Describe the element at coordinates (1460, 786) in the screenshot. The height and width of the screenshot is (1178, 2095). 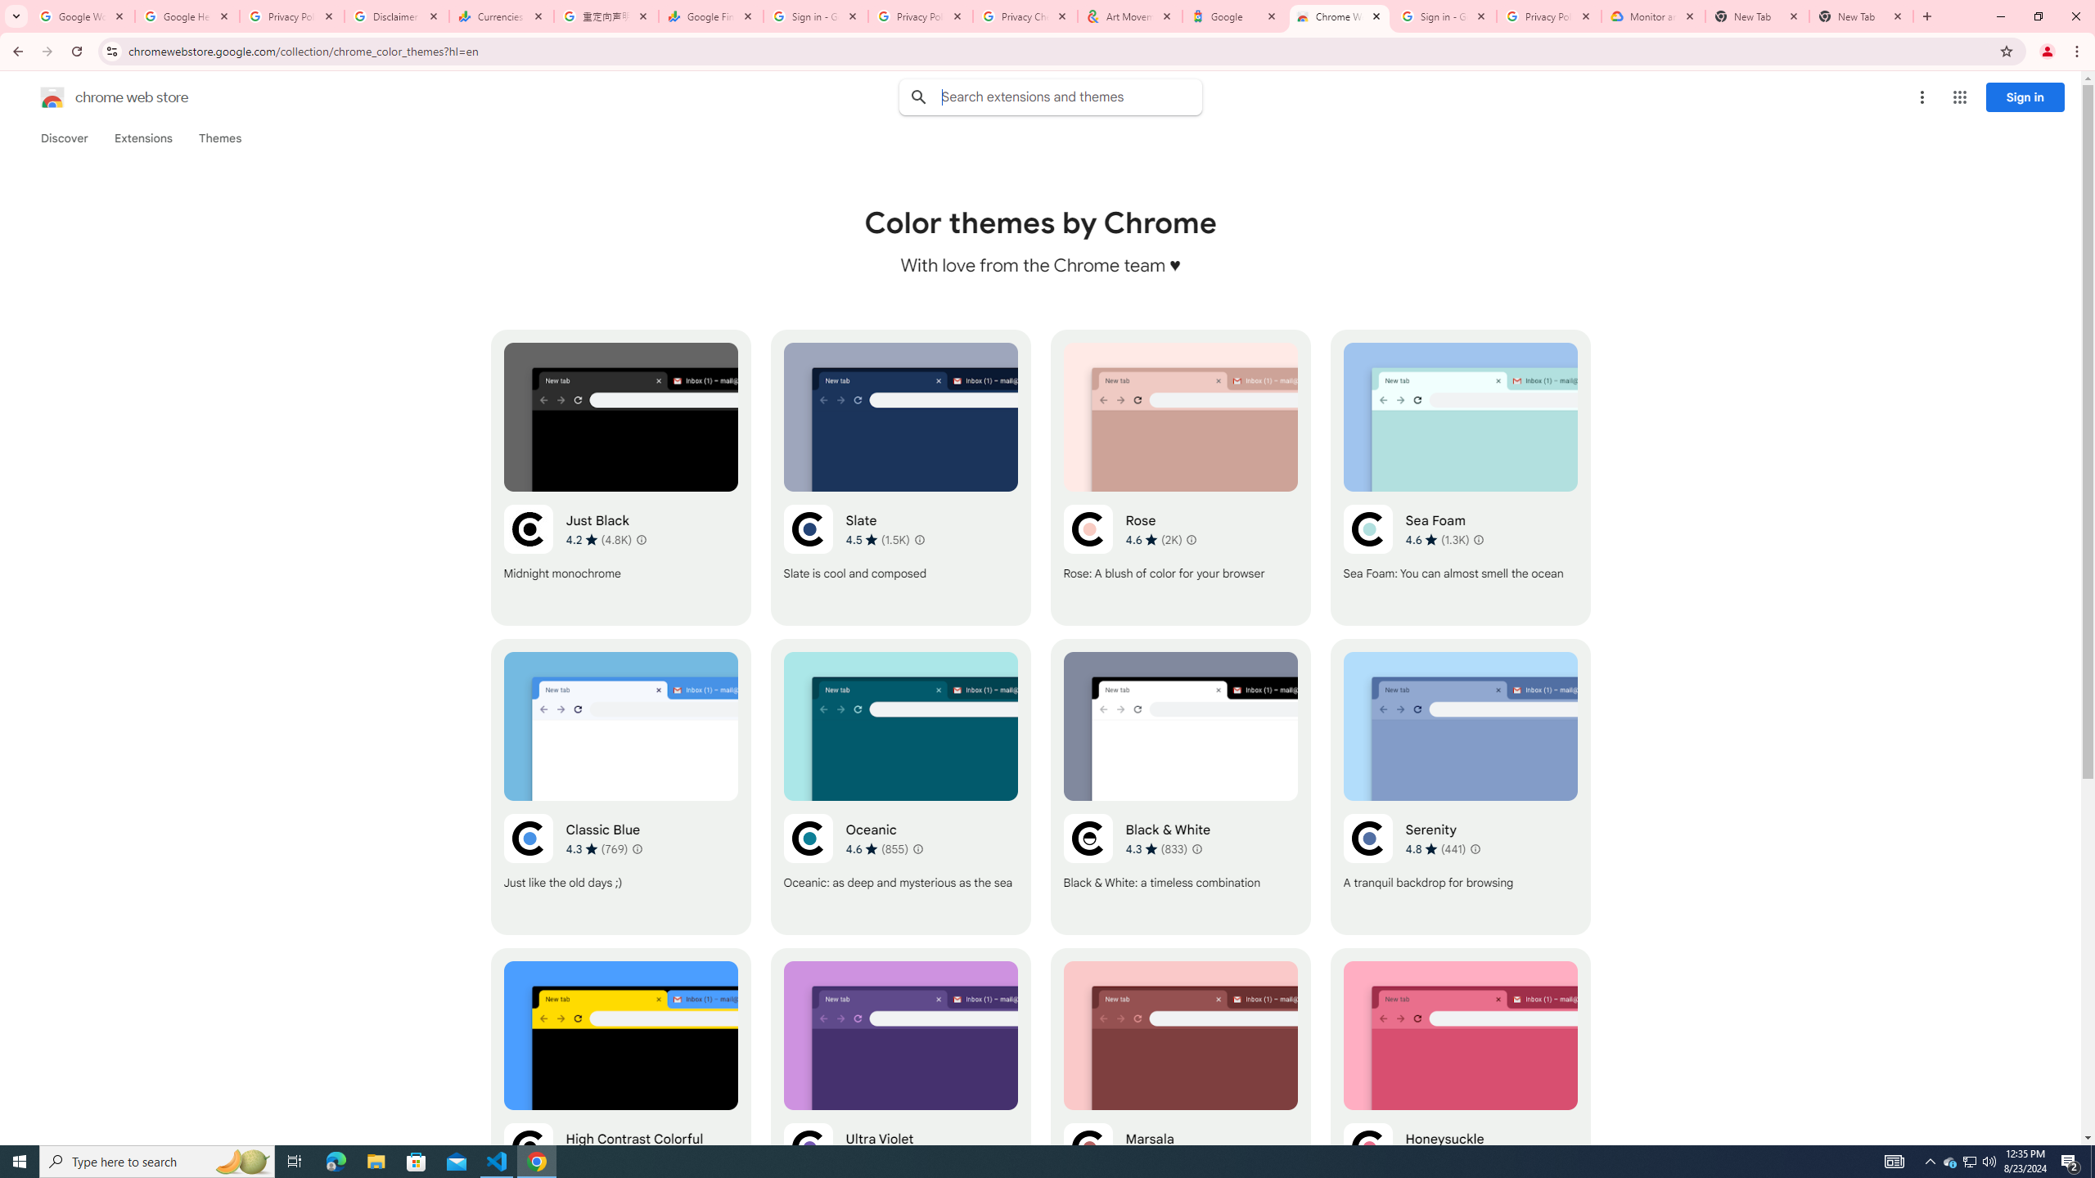
I see `'Serenity'` at that location.